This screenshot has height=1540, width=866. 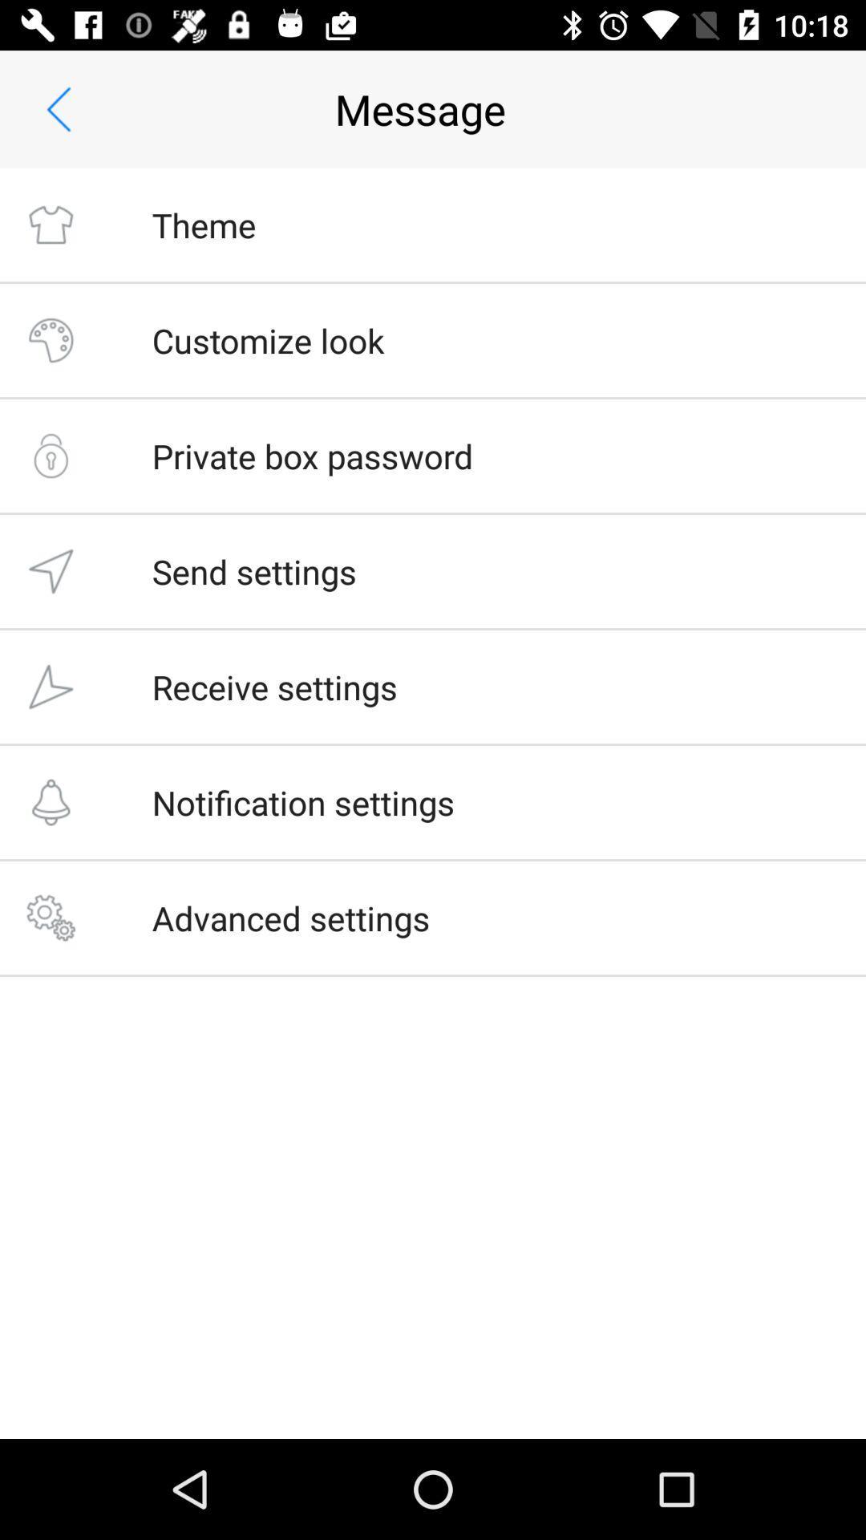 I want to click on the item below the private box password, so click(x=253, y=571).